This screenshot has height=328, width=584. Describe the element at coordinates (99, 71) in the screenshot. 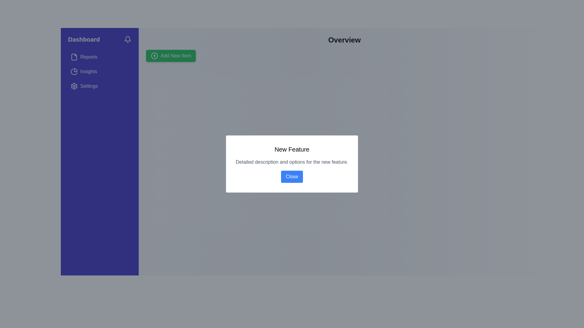

I see `the 'Insights' navigation button located in the blue sidebar, which is the second menu item below 'Reports' and above 'Settings'` at that location.